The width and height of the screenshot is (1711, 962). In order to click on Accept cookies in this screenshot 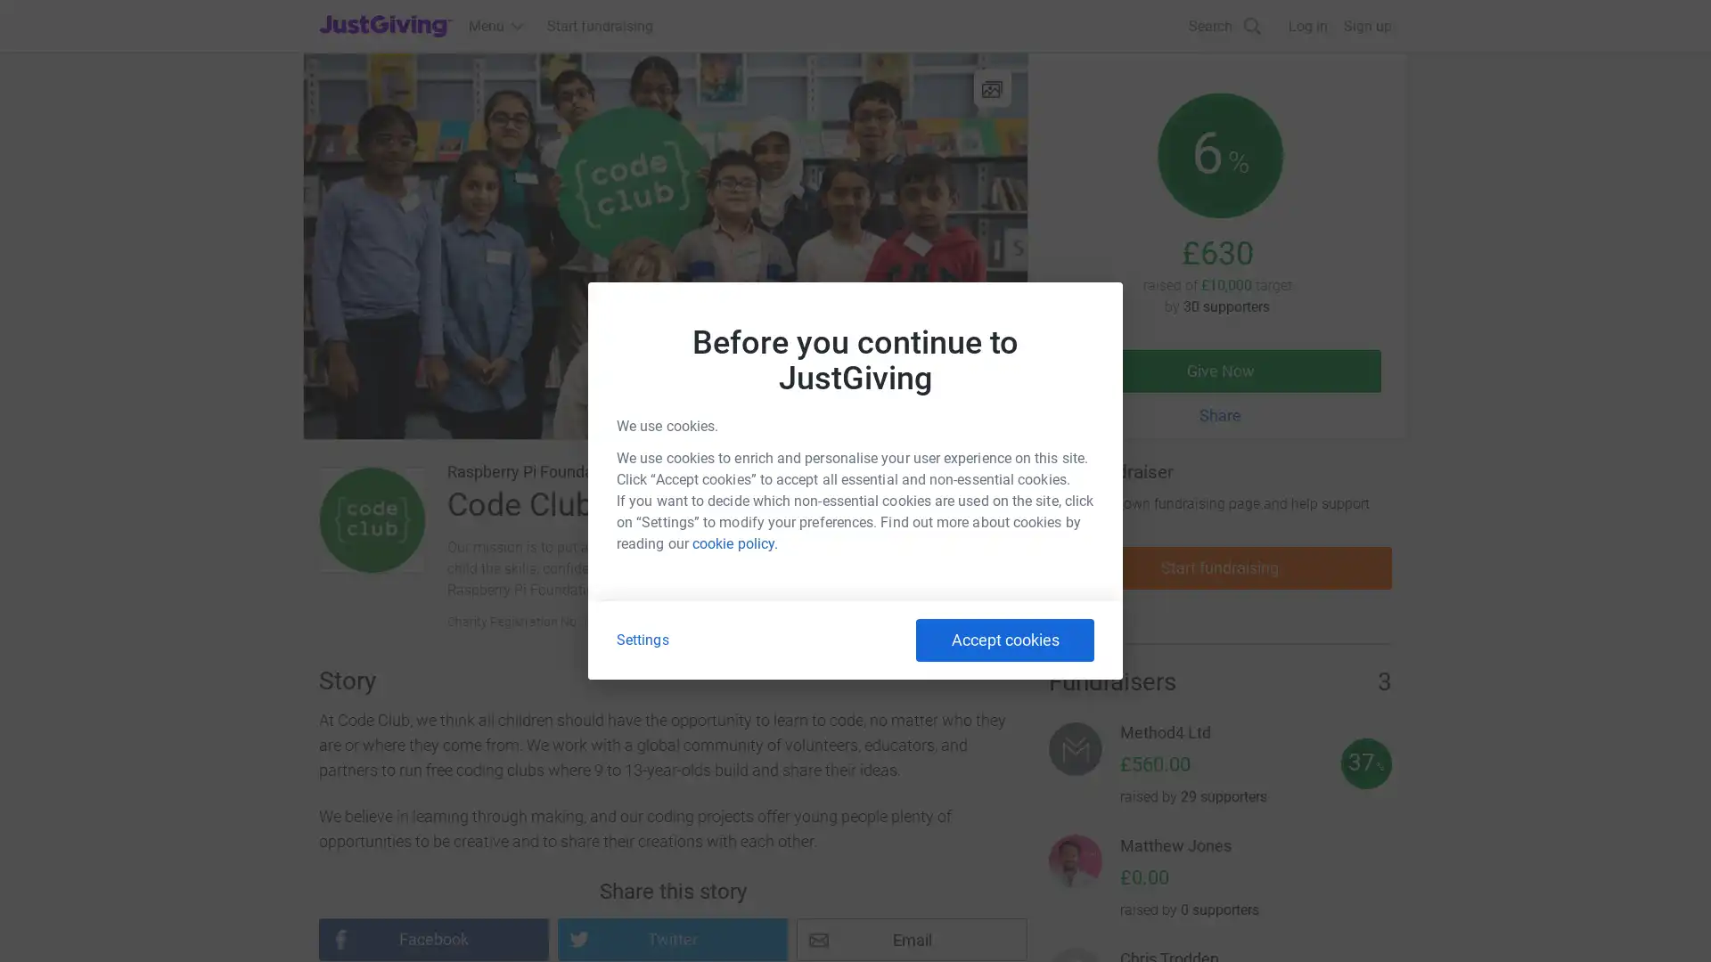, I will do `click(1005, 639)`.